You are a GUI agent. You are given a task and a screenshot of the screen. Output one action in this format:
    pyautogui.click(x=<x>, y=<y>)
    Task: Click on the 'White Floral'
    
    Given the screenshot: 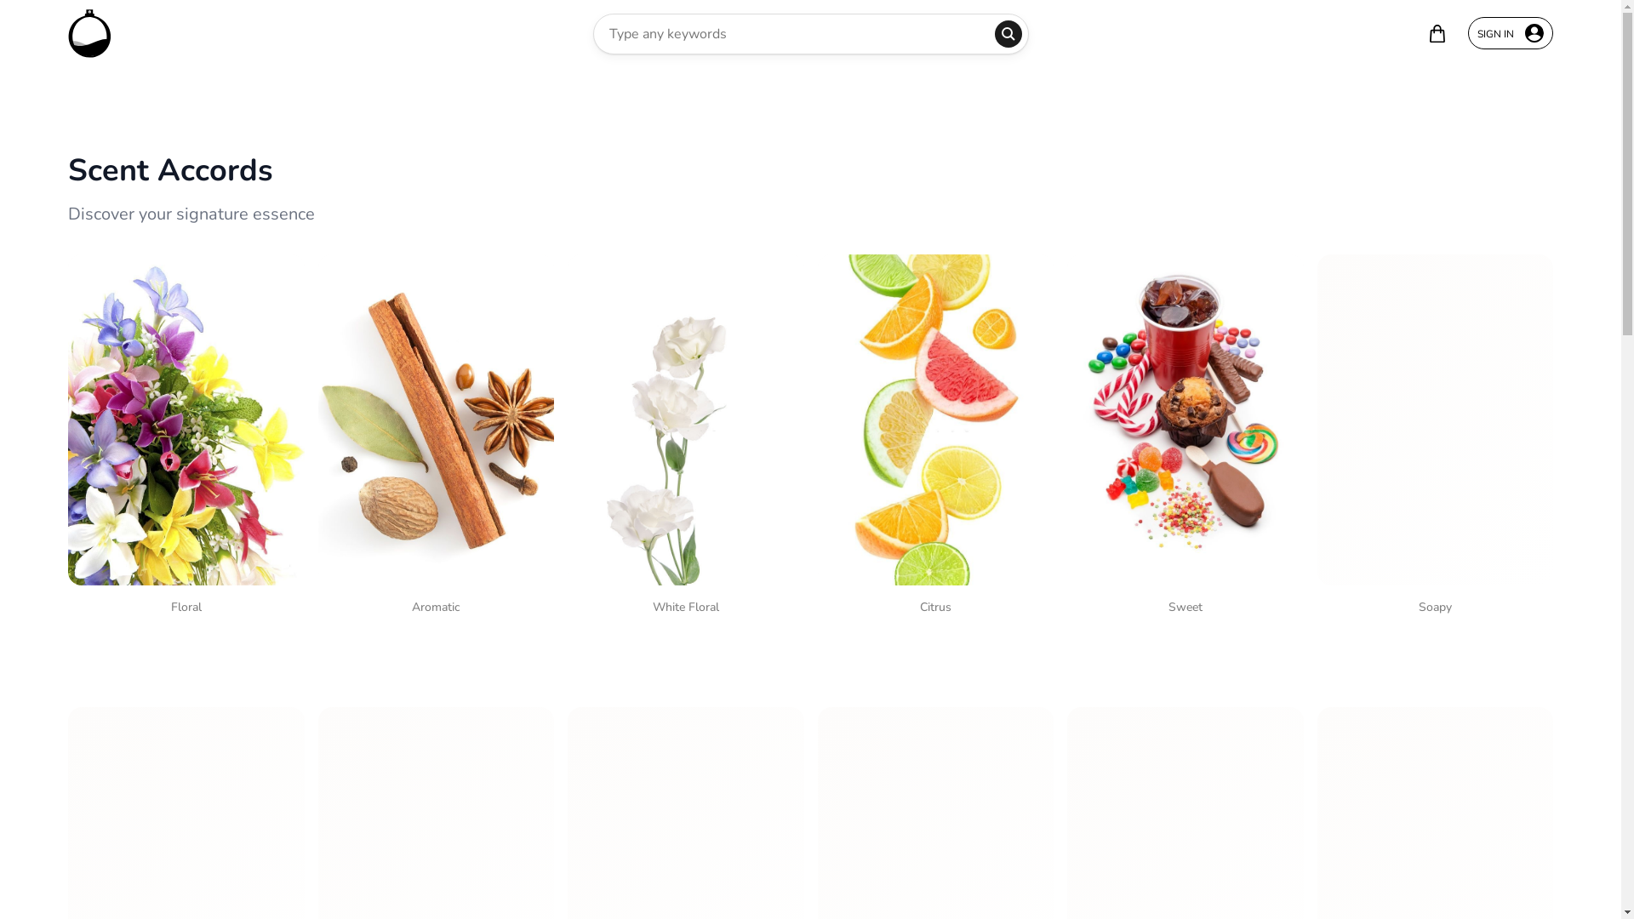 What is the action you would take?
    pyautogui.click(x=686, y=437)
    